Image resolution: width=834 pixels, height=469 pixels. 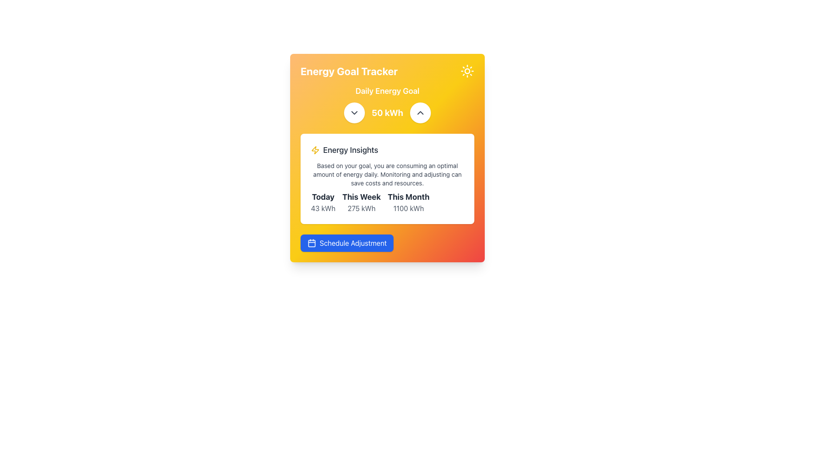 I want to click on the lightning bolt-shaped icon that is yellow and located next to the 'Energy Insights' heading in the 'Energy Goal Tracker' card, so click(x=314, y=150).